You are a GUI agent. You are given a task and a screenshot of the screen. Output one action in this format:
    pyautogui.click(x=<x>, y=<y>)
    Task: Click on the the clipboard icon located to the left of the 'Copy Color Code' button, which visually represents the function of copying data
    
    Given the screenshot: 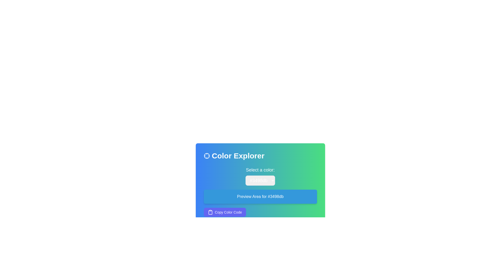 What is the action you would take?
    pyautogui.click(x=210, y=212)
    